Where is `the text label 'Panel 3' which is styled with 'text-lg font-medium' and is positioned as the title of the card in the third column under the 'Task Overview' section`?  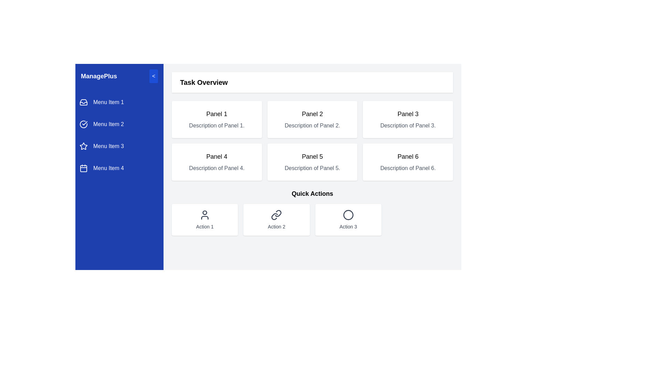
the text label 'Panel 3' which is styled with 'text-lg font-medium' and is positioned as the title of the card in the third column under the 'Task Overview' section is located at coordinates (408, 113).